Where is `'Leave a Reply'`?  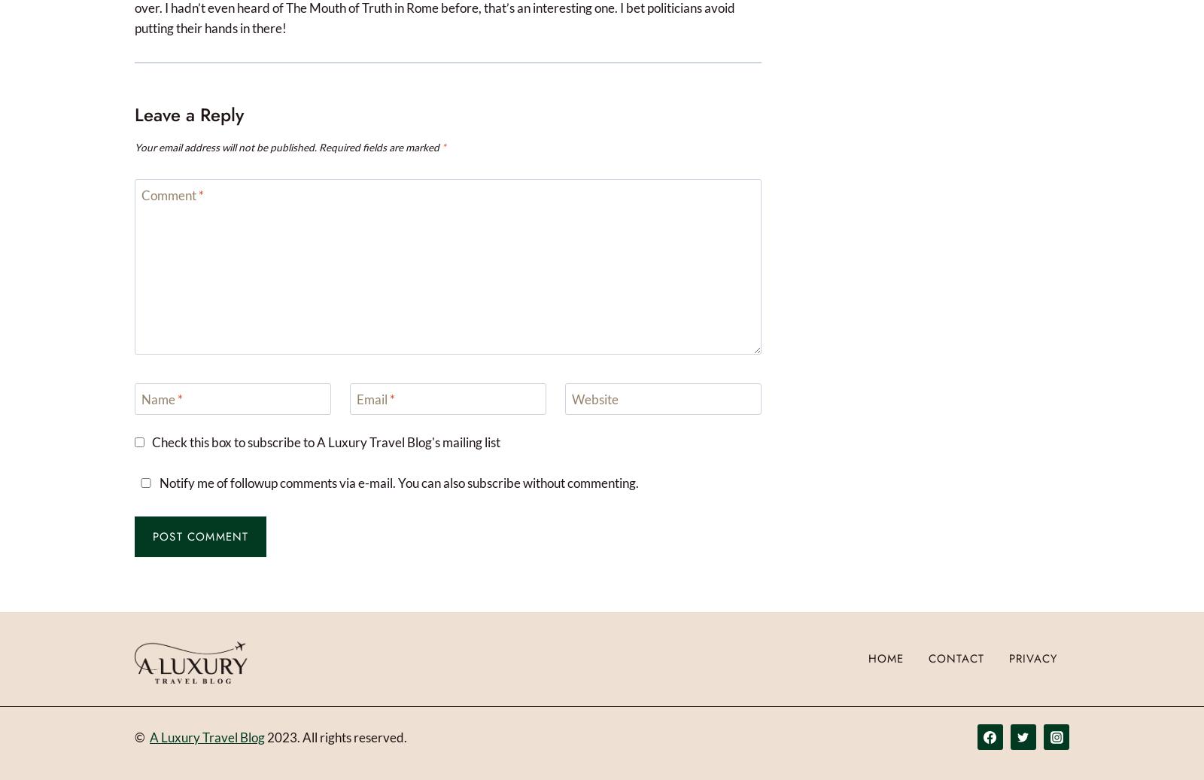 'Leave a Reply' is located at coordinates (189, 114).